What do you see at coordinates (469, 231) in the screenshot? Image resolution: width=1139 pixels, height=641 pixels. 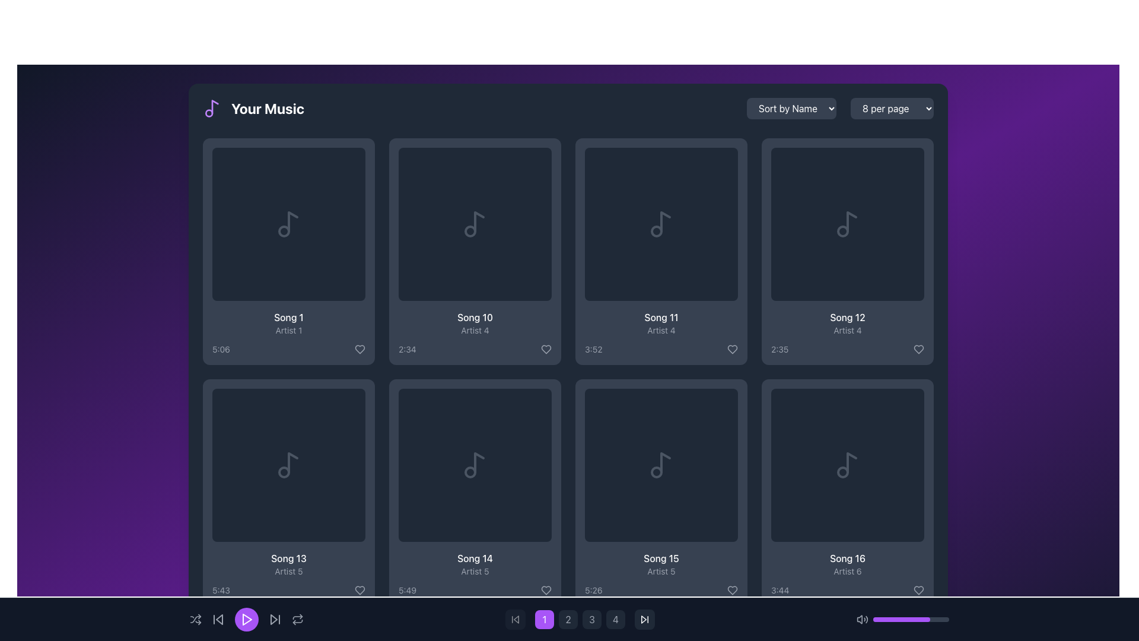 I see `the circle representing the musical note icon for 'Song 10' within the SVG graphic that is centered in the card layout` at bounding box center [469, 231].